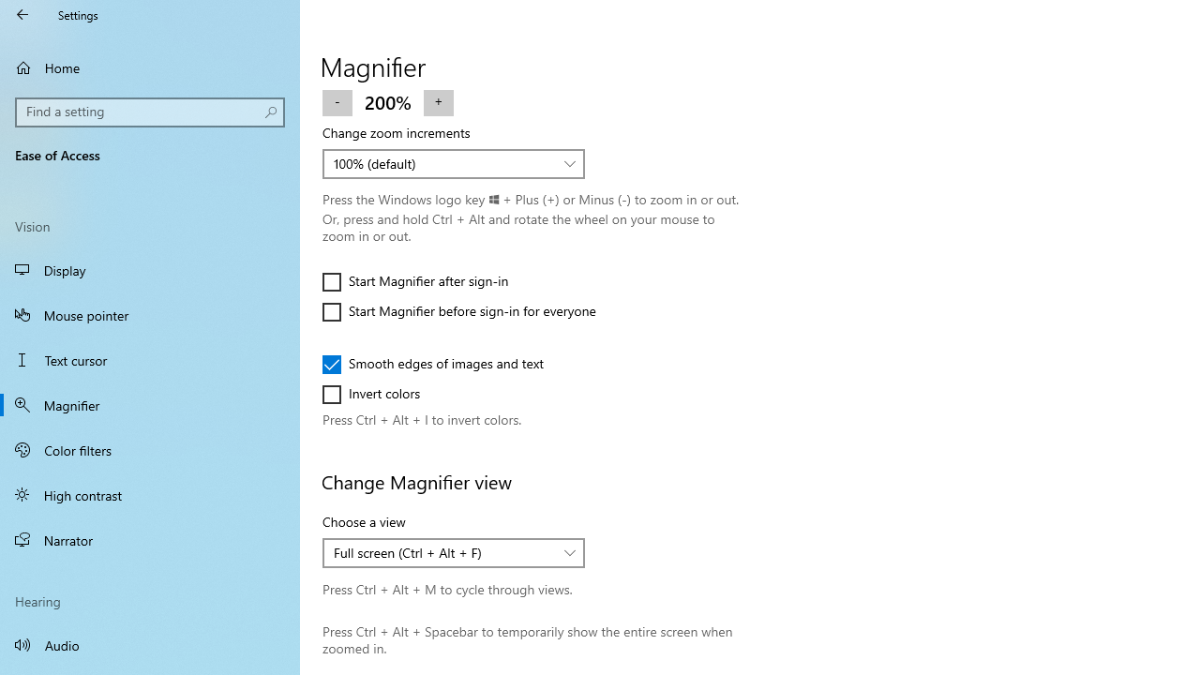 Image resolution: width=1200 pixels, height=675 pixels. What do you see at coordinates (150, 540) in the screenshot?
I see `'Narrator'` at bounding box center [150, 540].